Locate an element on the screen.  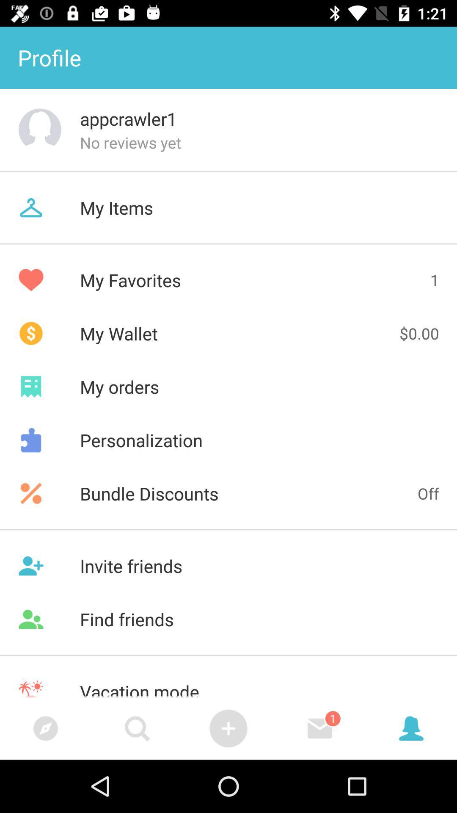
account icon which is right side of message box is located at coordinates (411, 728).